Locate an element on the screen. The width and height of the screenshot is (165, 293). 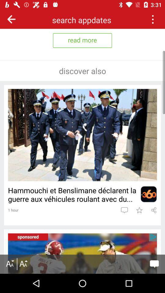
the more icon is located at coordinates (152, 19).